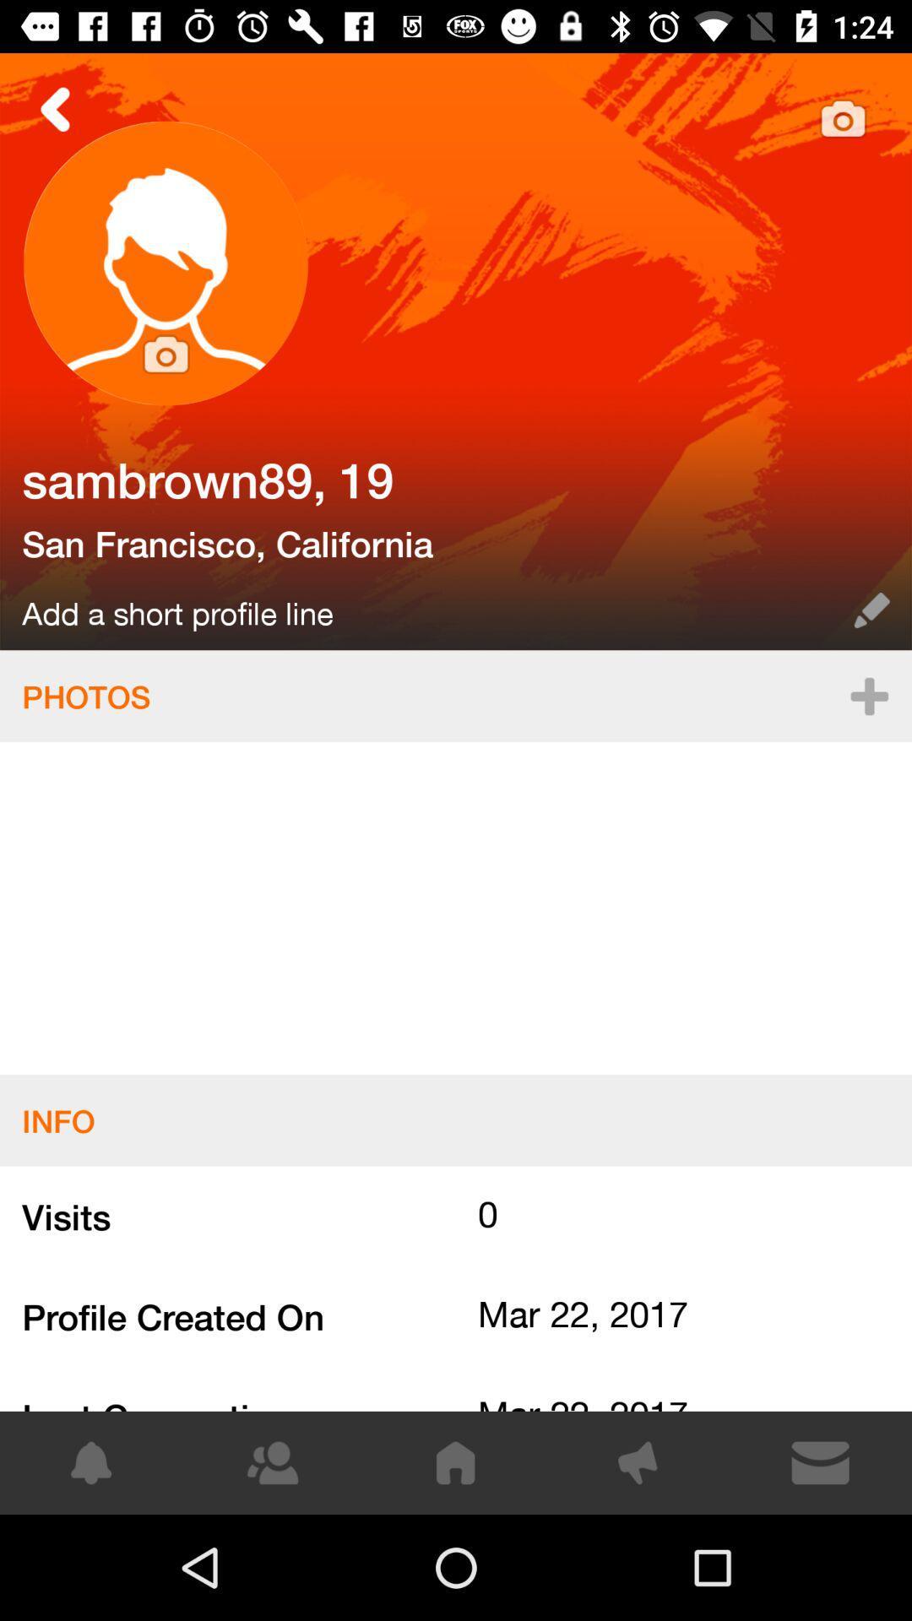  Describe the element at coordinates (869, 696) in the screenshot. I see `the add icon` at that location.